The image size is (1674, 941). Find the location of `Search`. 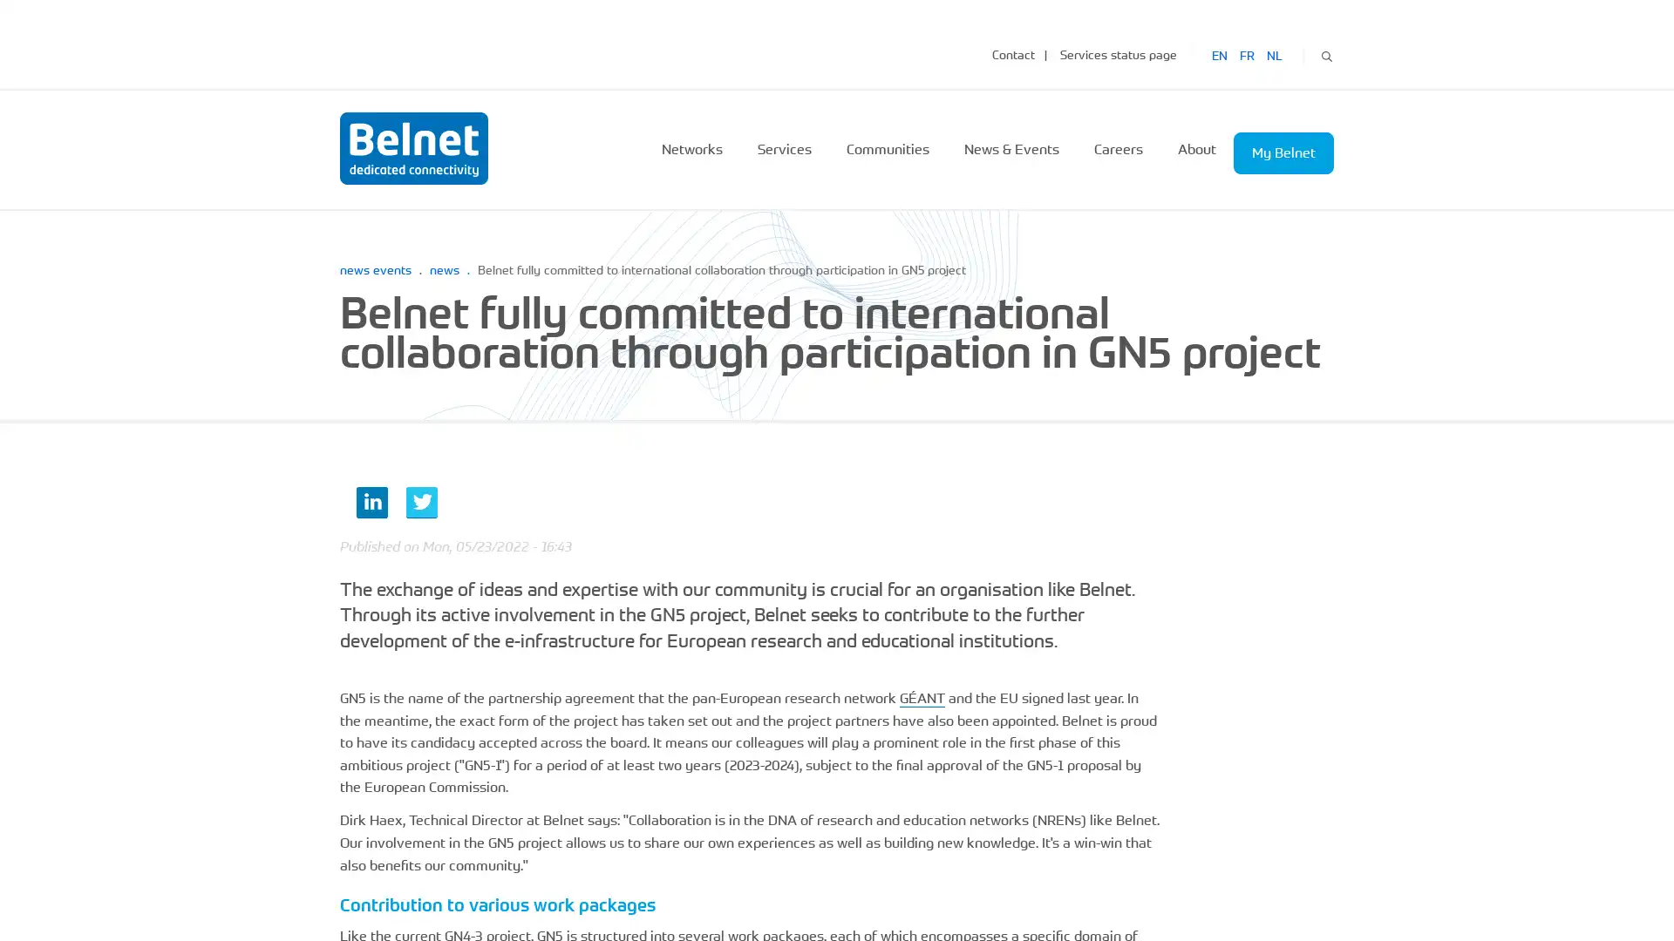

Search is located at coordinates (1325, 53).